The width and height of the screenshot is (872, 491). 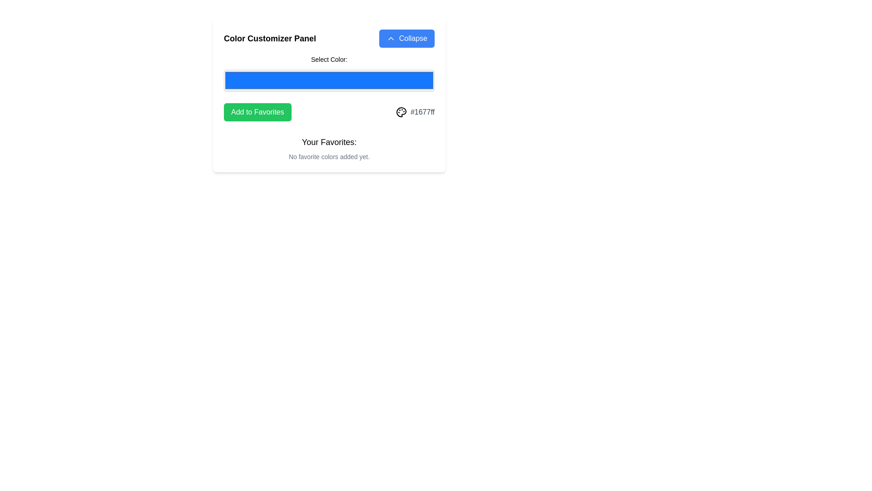 I want to click on the text label that serves as a heading for the user's favorite colors, located above the text 'No favorite colors added yet.' and below the 'Add to Favorites' button, so click(x=328, y=142).